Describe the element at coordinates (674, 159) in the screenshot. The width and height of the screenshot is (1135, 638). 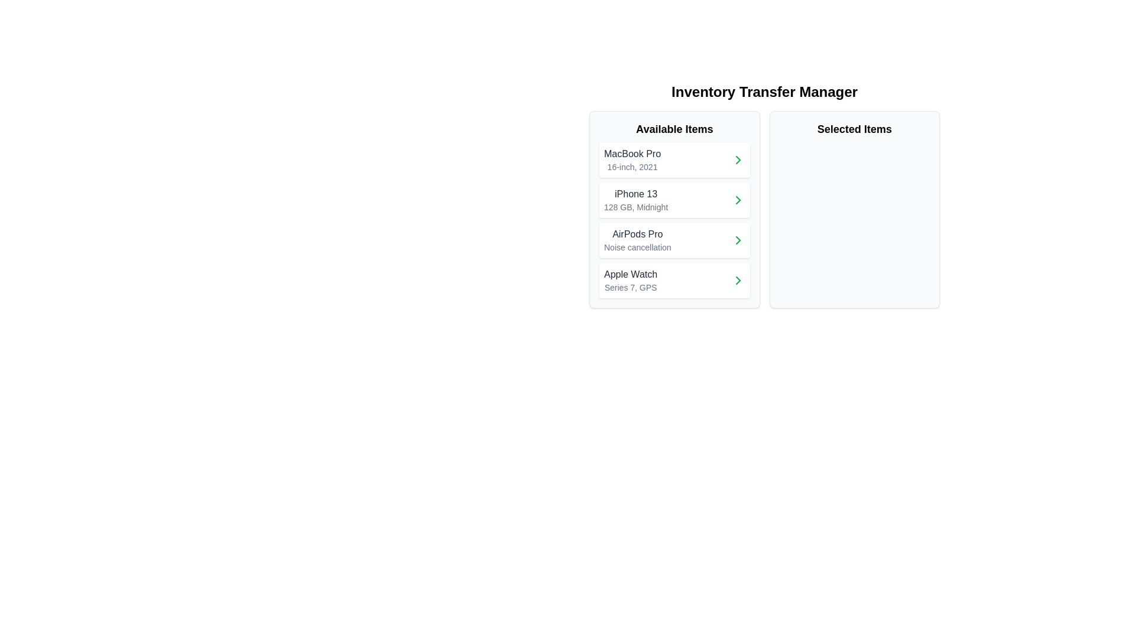
I see `the chevron on the 'MacBook Pro' product card located at the top of the 'Available Items' section` at that location.